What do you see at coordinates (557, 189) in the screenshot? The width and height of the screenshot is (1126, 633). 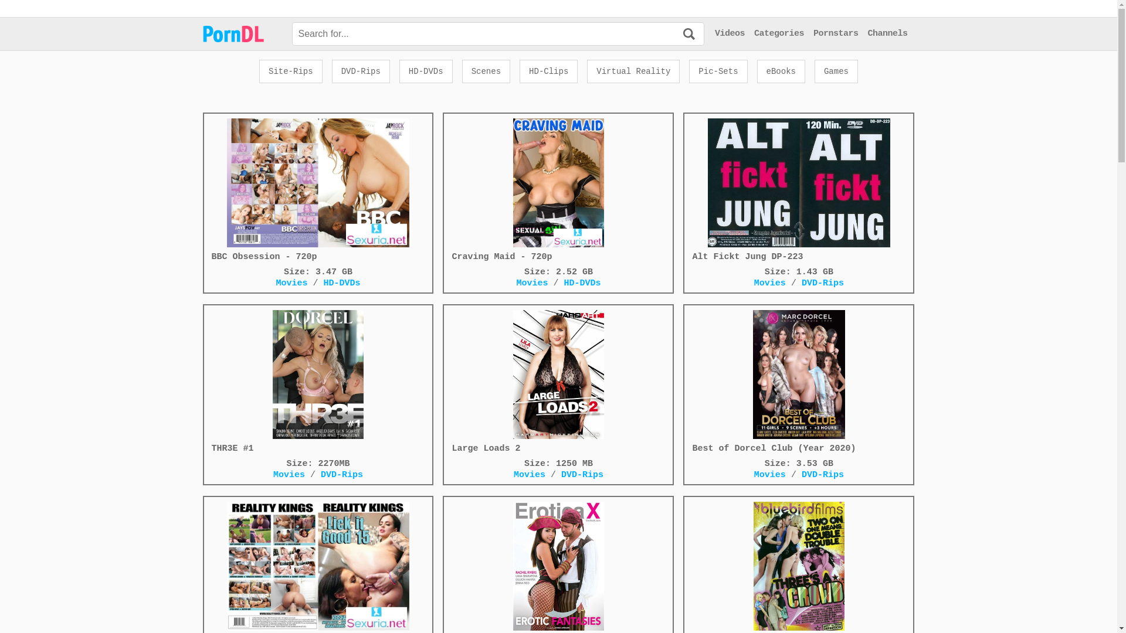 I see `'Craving Maid - 720p'` at bounding box center [557, 189].